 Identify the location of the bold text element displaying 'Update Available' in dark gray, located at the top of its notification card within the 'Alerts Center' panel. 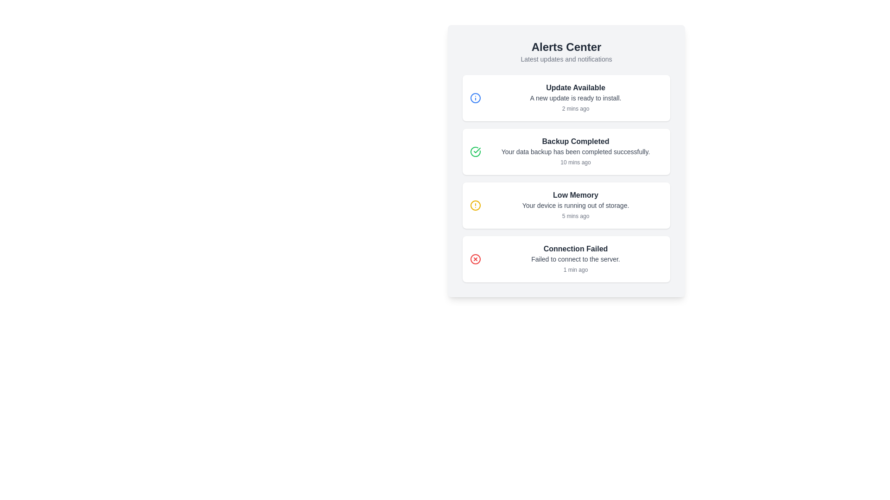
(575, 87).